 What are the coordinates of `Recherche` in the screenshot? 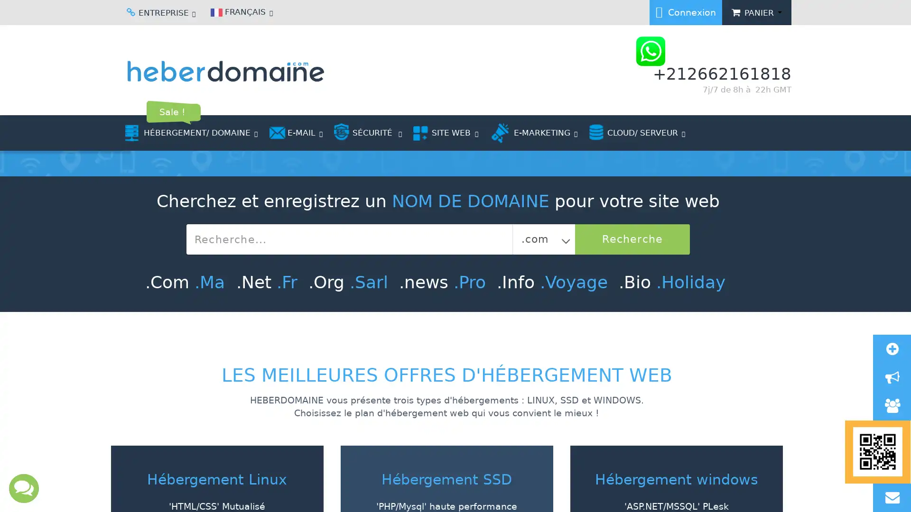 It's located at (521, 418).